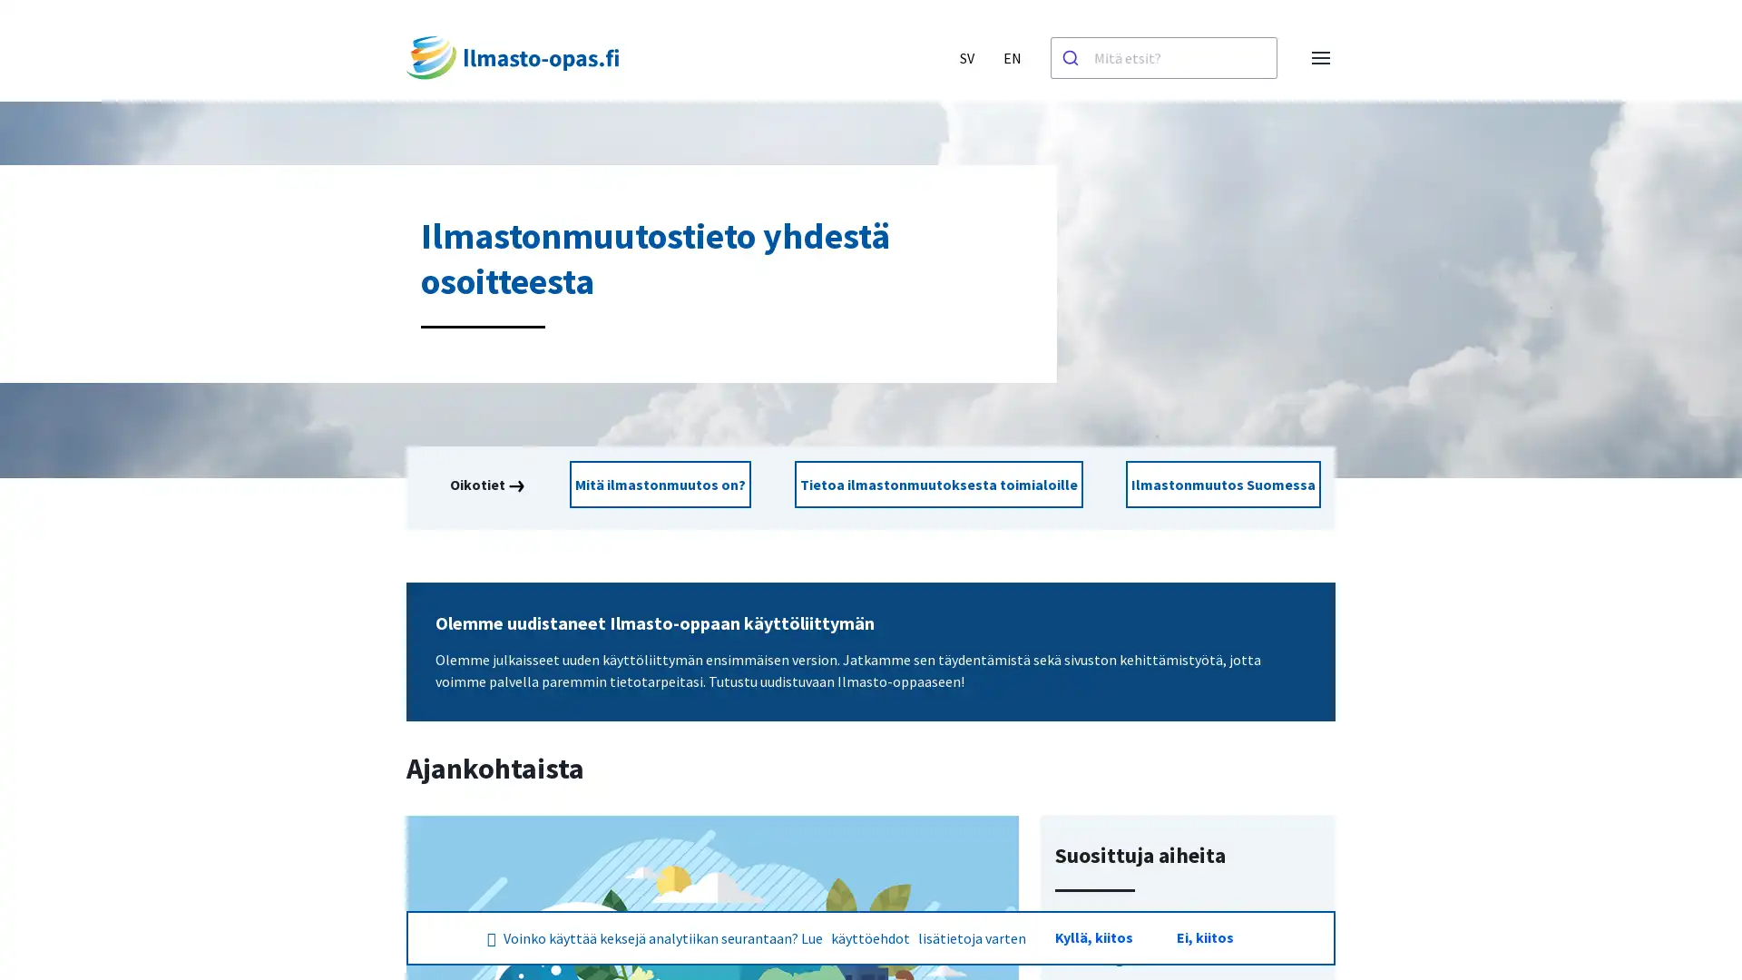  Describe the element at coordinates (1320, 57) in the screenshot. I see `Avaa valikko` at that location.